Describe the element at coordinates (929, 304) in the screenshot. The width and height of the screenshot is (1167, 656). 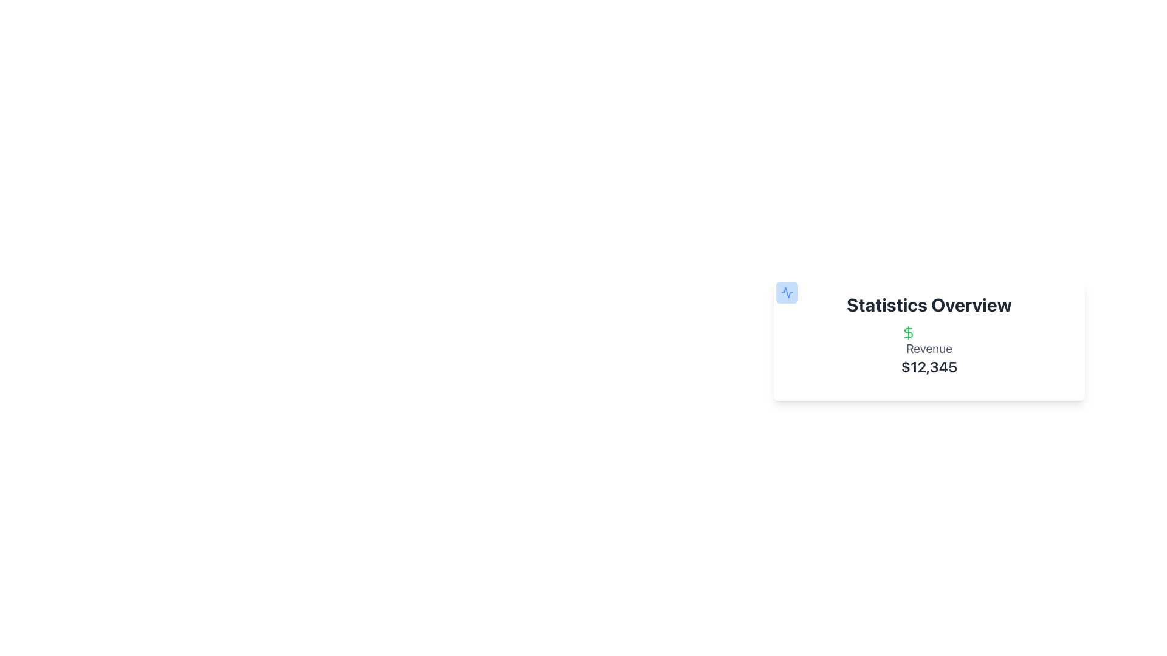
I see `text 'Statistics Overview' located at the top center of a white box with rounded corners and shadow styling` at that location.